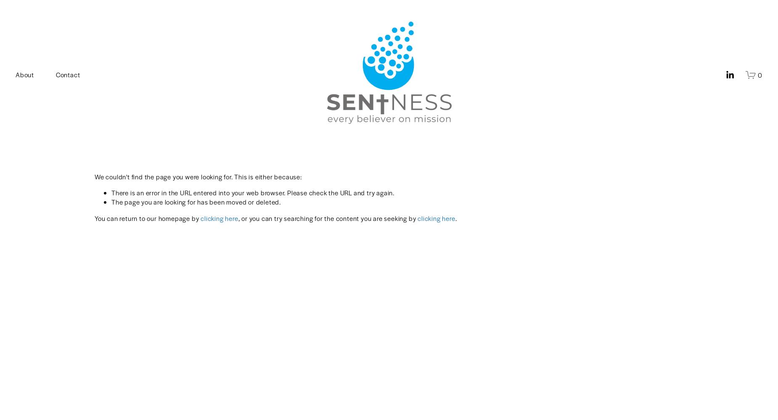  Describe the element at coordinates (455, 218) in the screenshot. I see `'.'` at that location.